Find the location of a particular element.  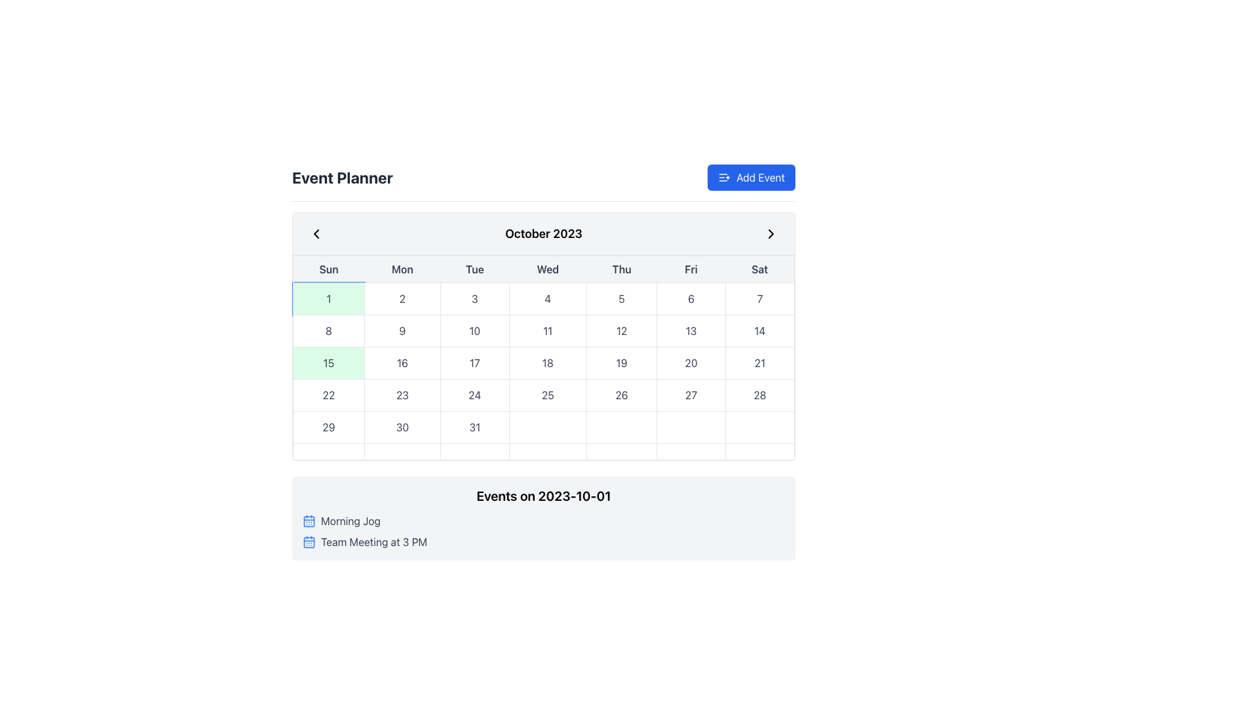

the interactive calendar day cell representing the 21st day of the month is located at coordinates (759, 363).